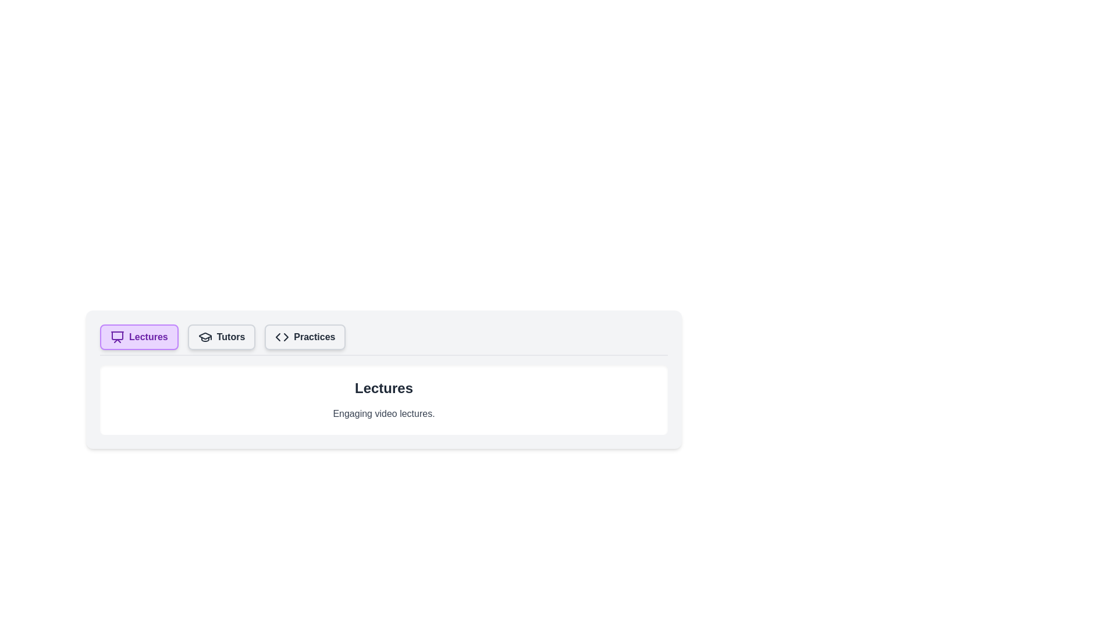 This screenshot has width=1117, height=628. Describe the element at coordinates (117, 337) in the screenshot. I see `the 'Lectures' button icon, which is the leftmost button in the horizontal row at the top of the interface, featuring a purple background and labeled 'Lectures'` at that location.